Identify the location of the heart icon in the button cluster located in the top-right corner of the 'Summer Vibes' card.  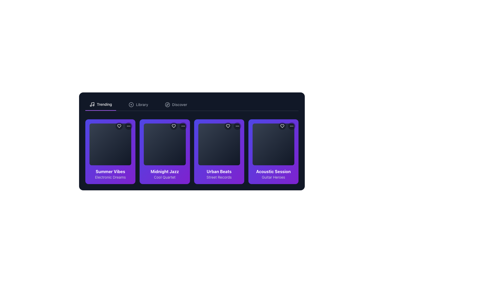
(124, 126).